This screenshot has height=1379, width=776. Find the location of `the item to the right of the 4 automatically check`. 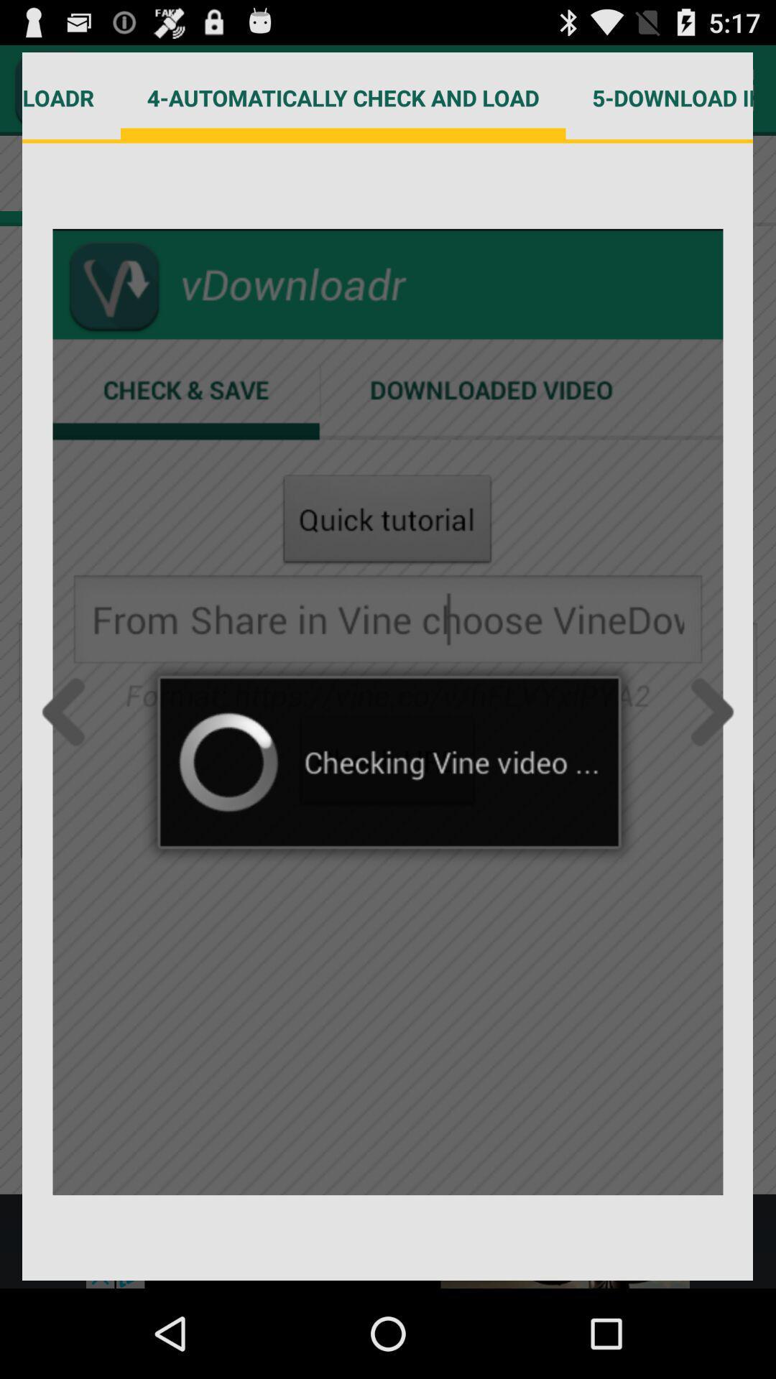

the item to the right of the 4 automatically check is located at coordinates (660, 97).